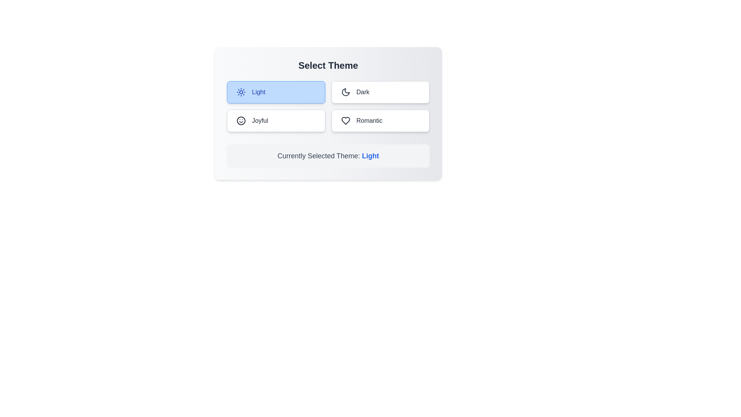 This screenshot has width=741, height=417. I want to click on the theme Dark by clicking on the corresponding button, so click(380, 92).